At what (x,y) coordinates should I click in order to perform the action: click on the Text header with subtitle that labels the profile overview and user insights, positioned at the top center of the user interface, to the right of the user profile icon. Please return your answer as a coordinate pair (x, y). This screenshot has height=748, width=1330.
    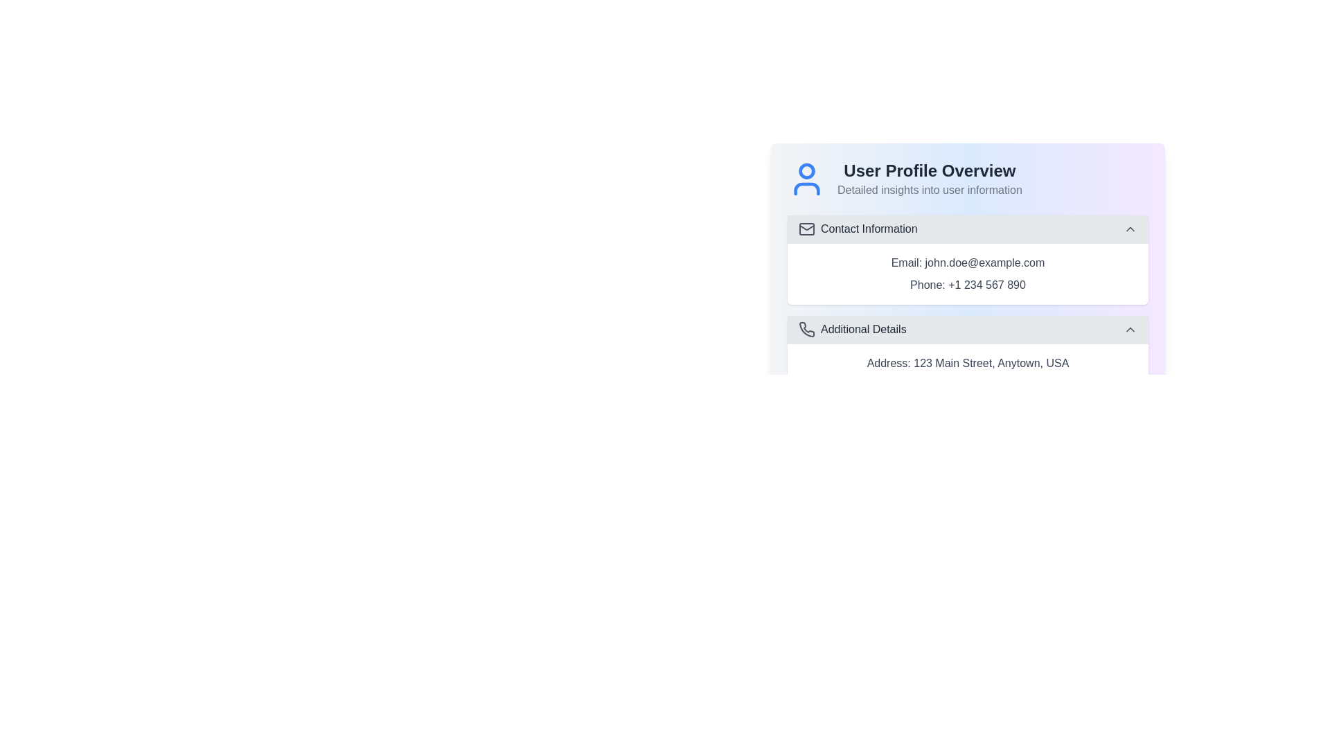
    Looking at the image, I should click on (930, 178).